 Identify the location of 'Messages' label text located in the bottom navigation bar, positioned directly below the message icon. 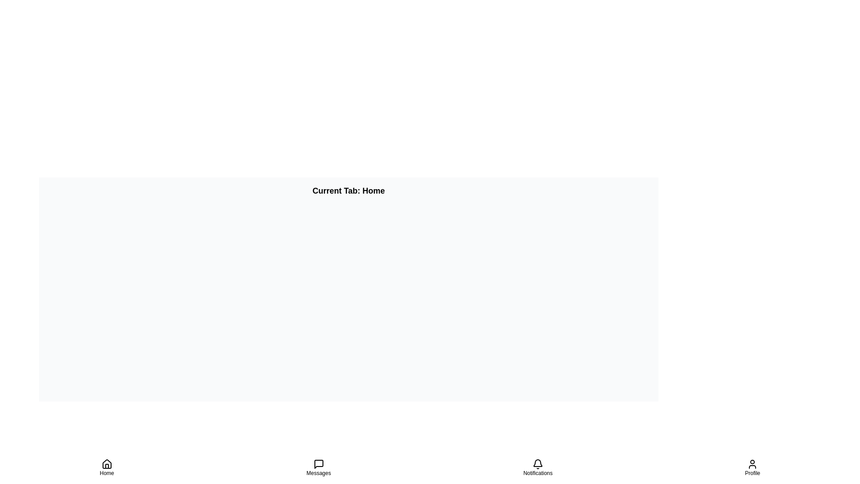
(318, 473).